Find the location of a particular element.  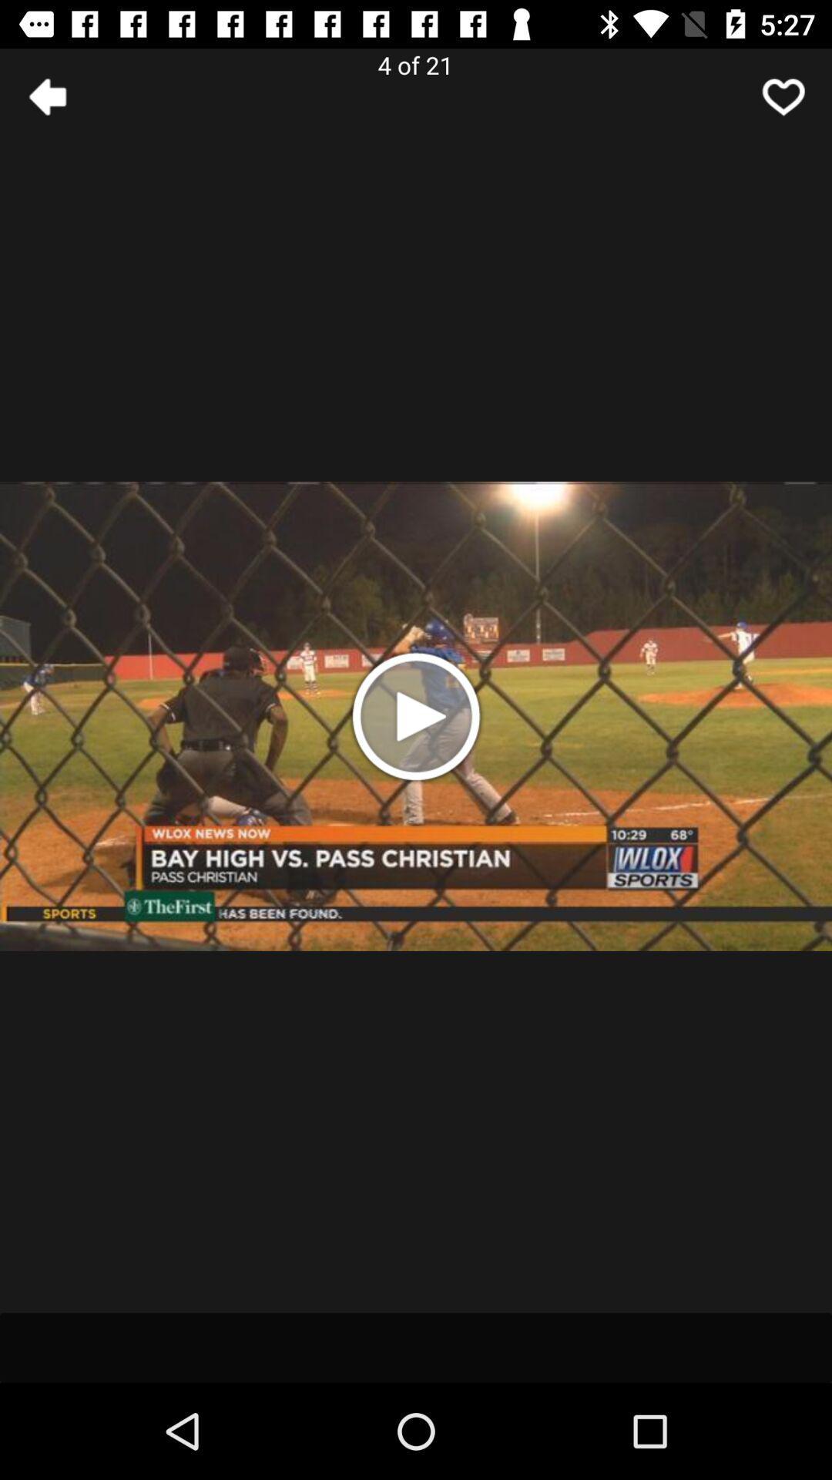

go back is located at coordinates (47, 96).